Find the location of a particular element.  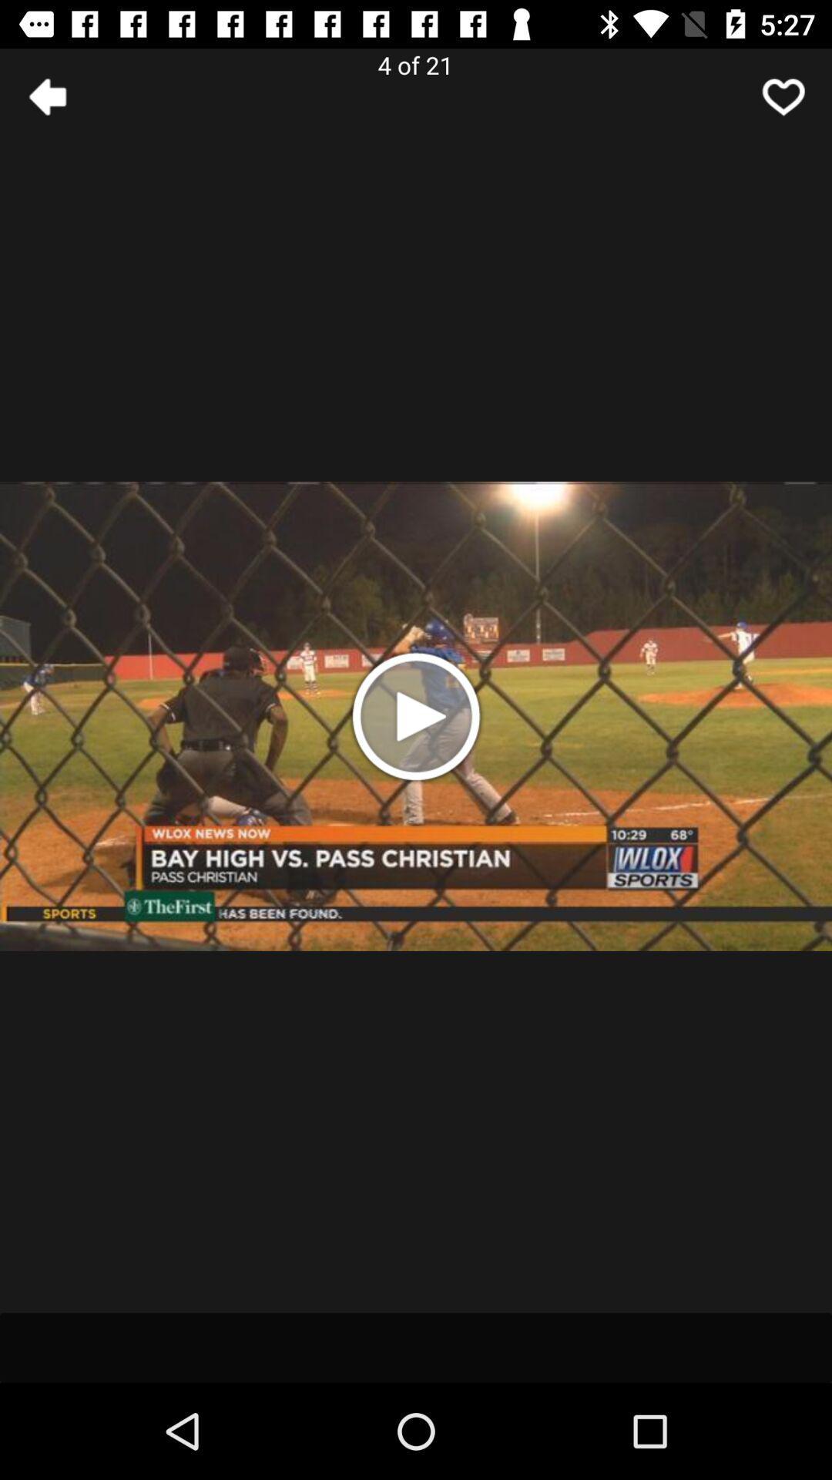

go back is located at coordinates (47, 96).